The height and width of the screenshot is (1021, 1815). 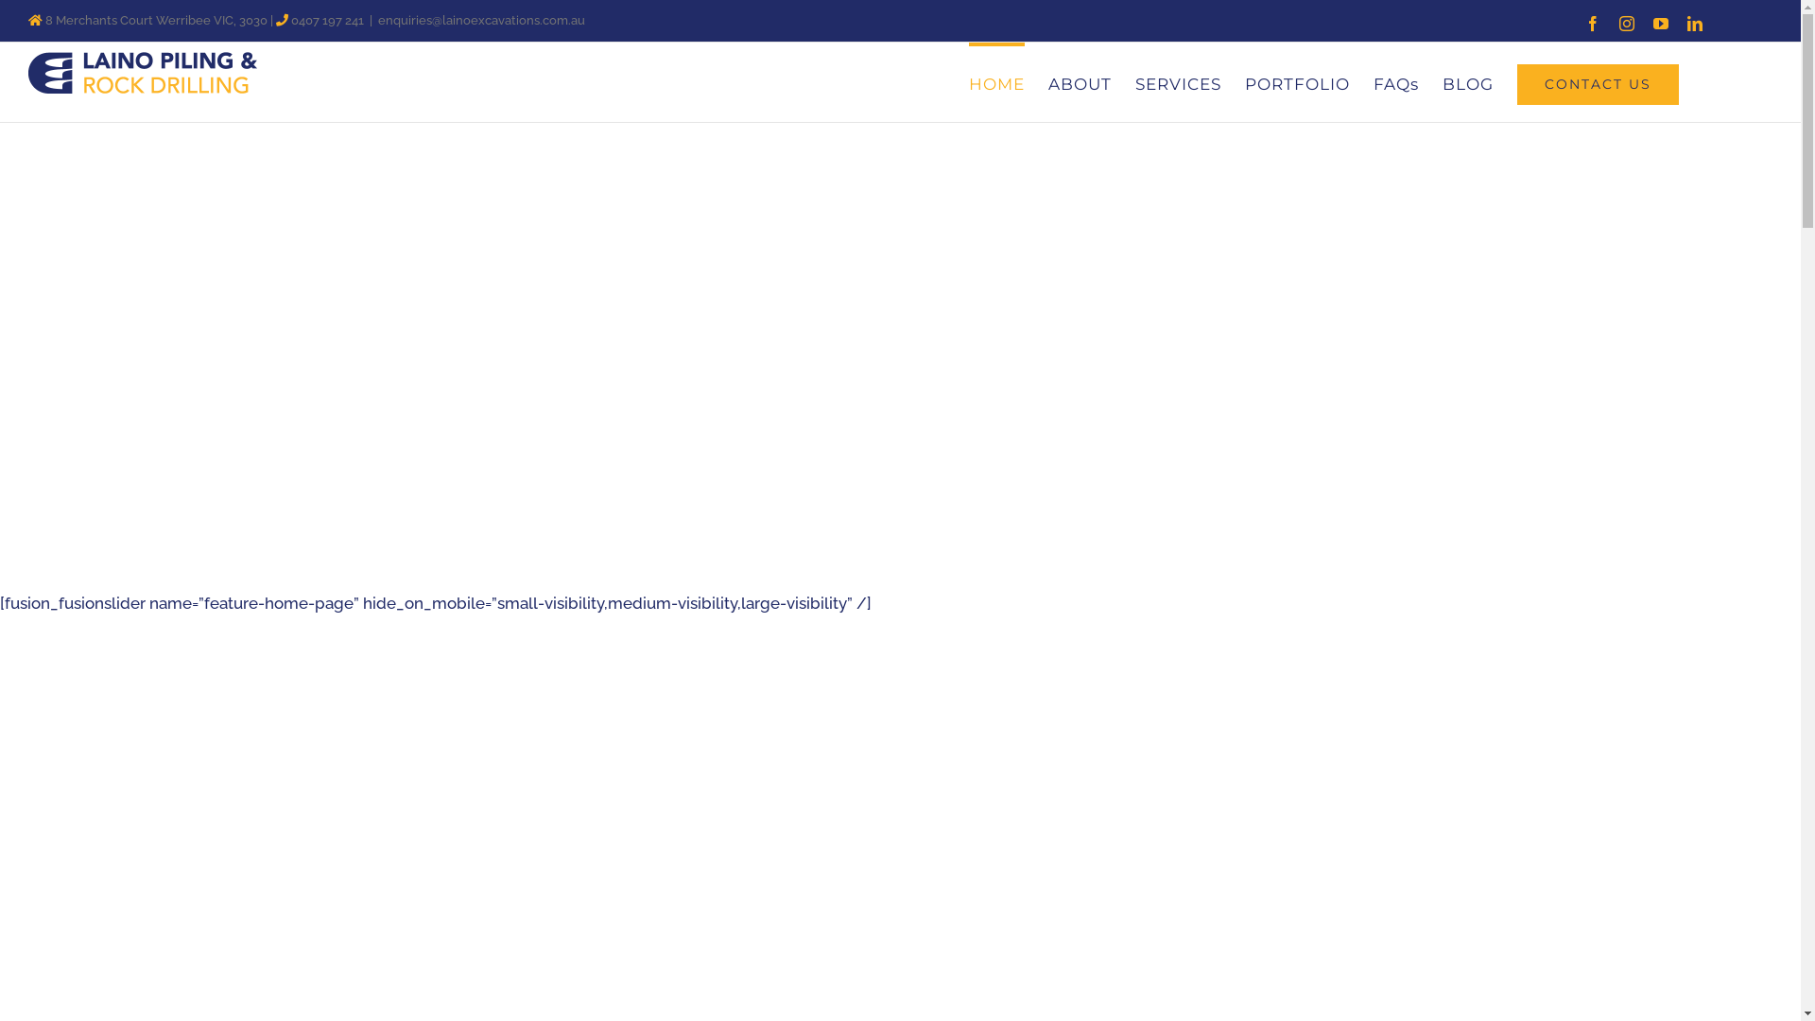 I want to click on 'BLOG', so click(x=1467, y=81).